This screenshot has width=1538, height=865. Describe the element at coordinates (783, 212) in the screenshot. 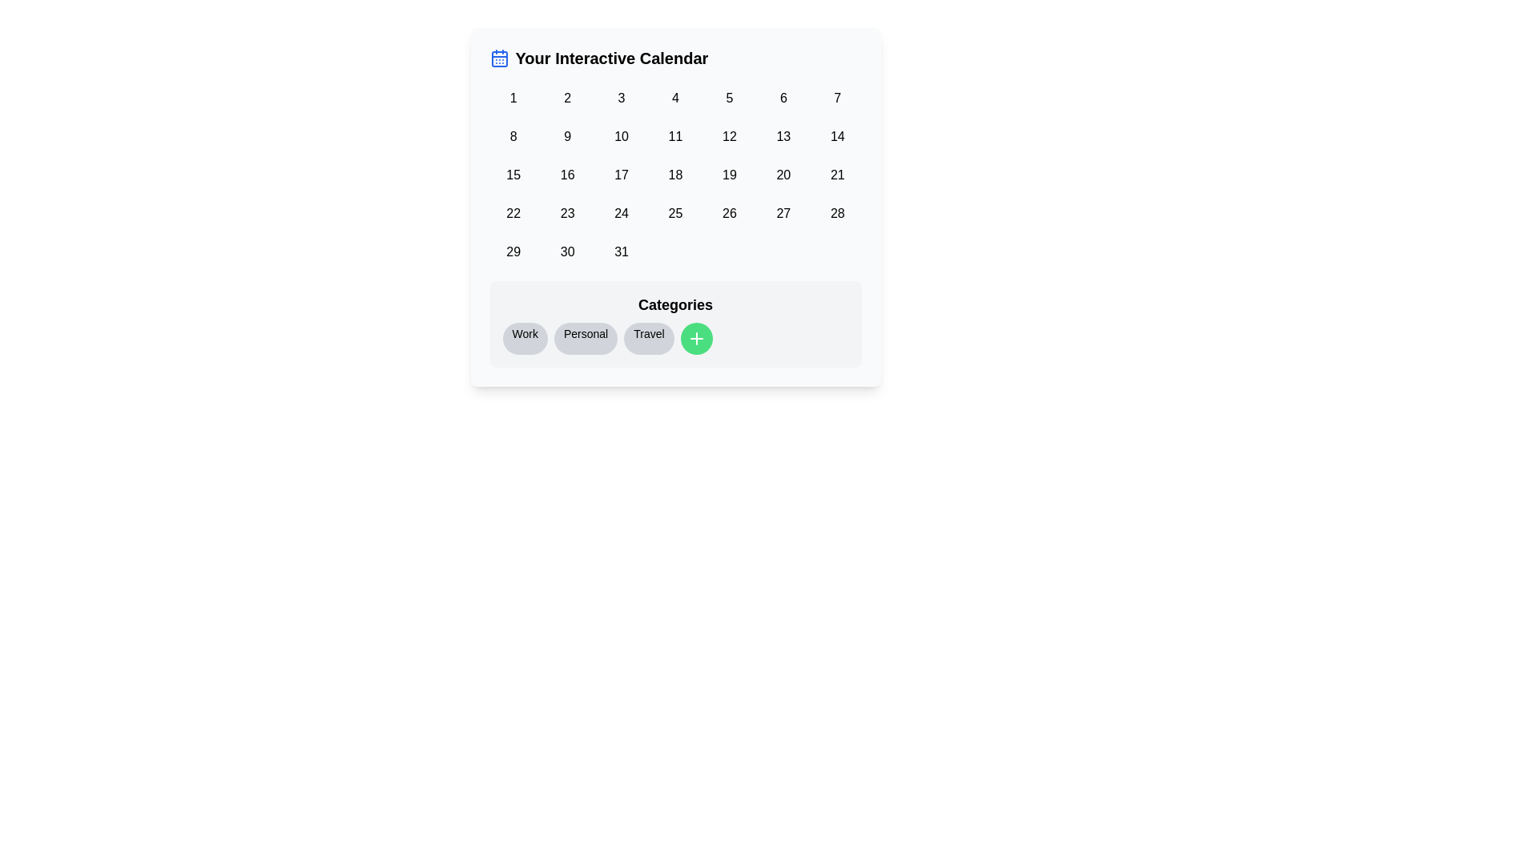

I see `the clickable date button representing the 27th day of the month in the interactive calendar interface to trigger a style change` at that location.